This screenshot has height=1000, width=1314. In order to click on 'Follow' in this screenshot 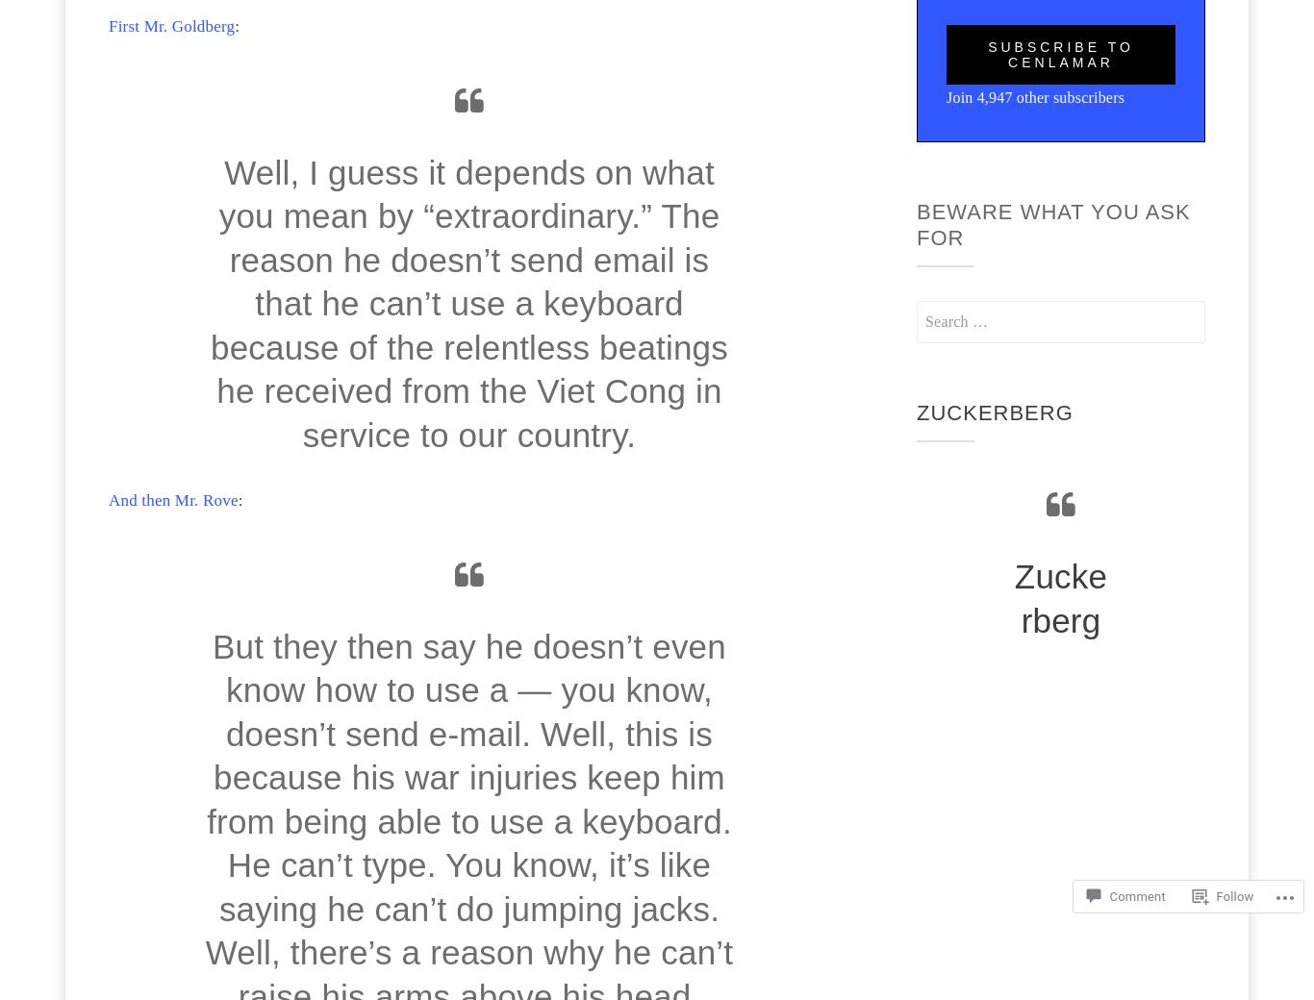, I will do `click(1233, 896)`.